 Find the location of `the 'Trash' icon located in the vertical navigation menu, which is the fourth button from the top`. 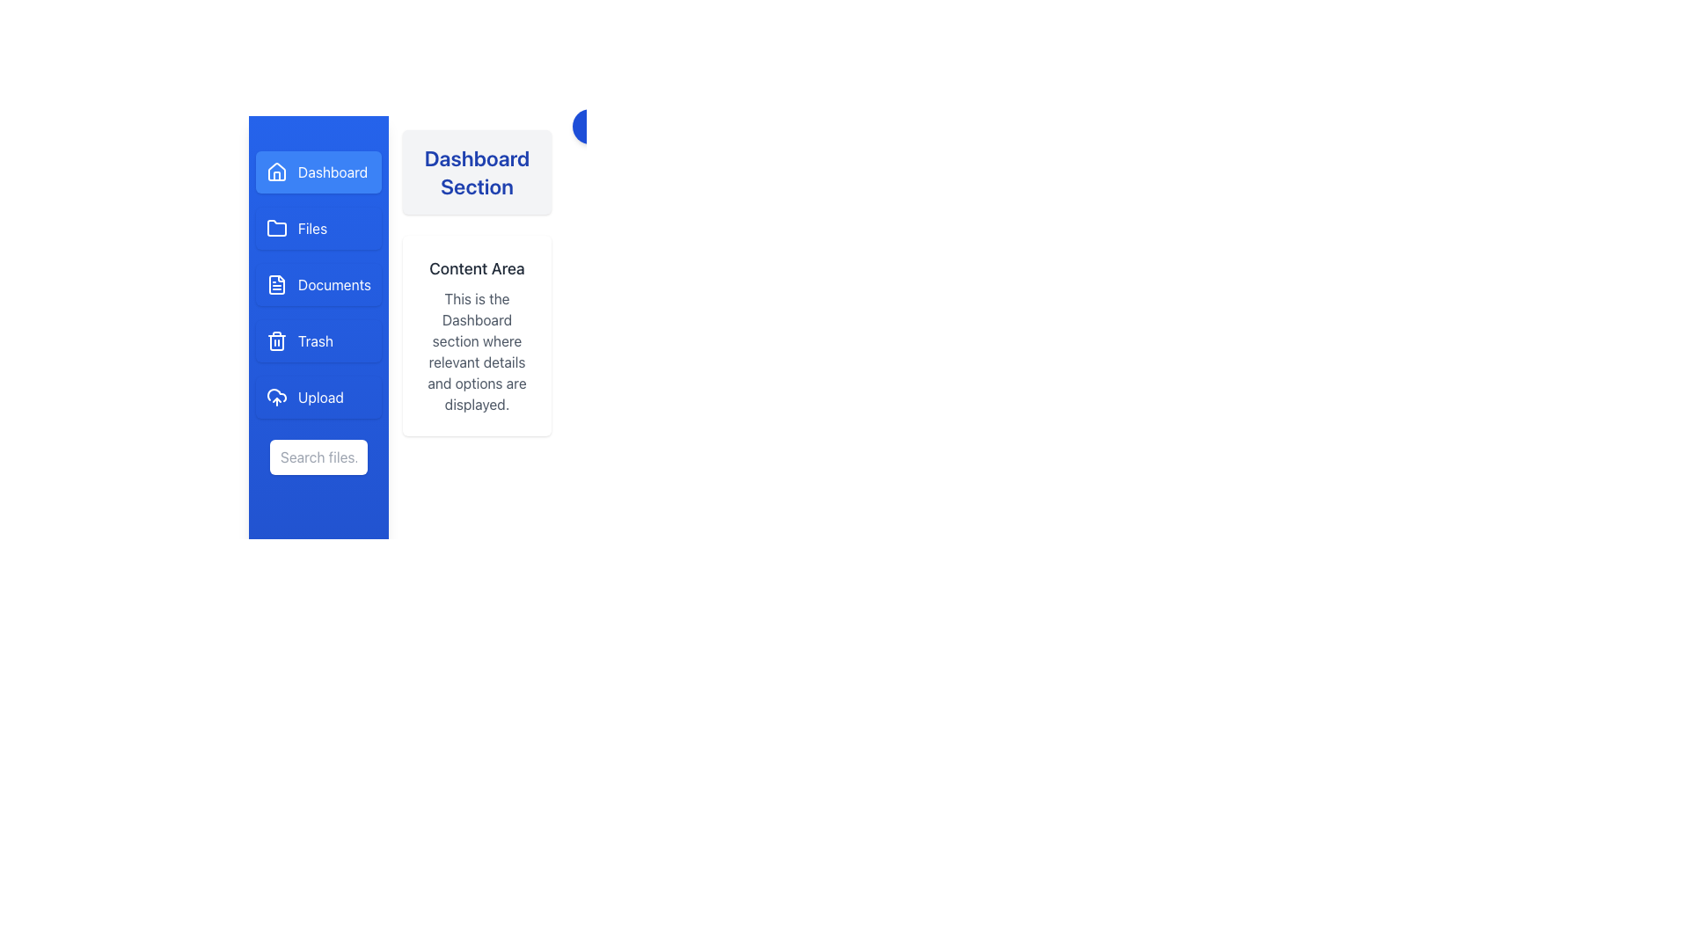

the 'Trash' icon located in the vertical navigation menu, which is the fourth button from the top is located at coordinates (276, 341).